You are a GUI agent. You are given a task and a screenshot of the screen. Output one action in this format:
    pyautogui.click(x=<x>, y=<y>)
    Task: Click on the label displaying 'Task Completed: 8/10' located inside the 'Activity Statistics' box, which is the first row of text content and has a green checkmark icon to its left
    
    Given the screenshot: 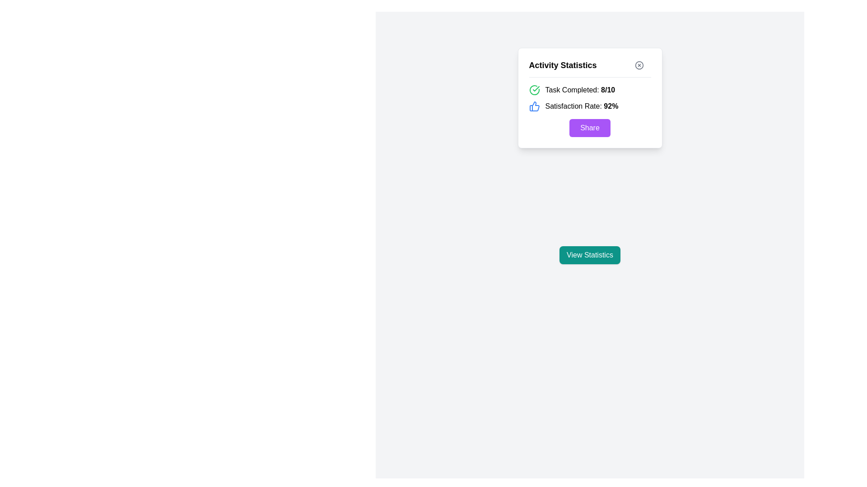 What is the action you would take?
    pyautogui.click(x=580, y=90)
    